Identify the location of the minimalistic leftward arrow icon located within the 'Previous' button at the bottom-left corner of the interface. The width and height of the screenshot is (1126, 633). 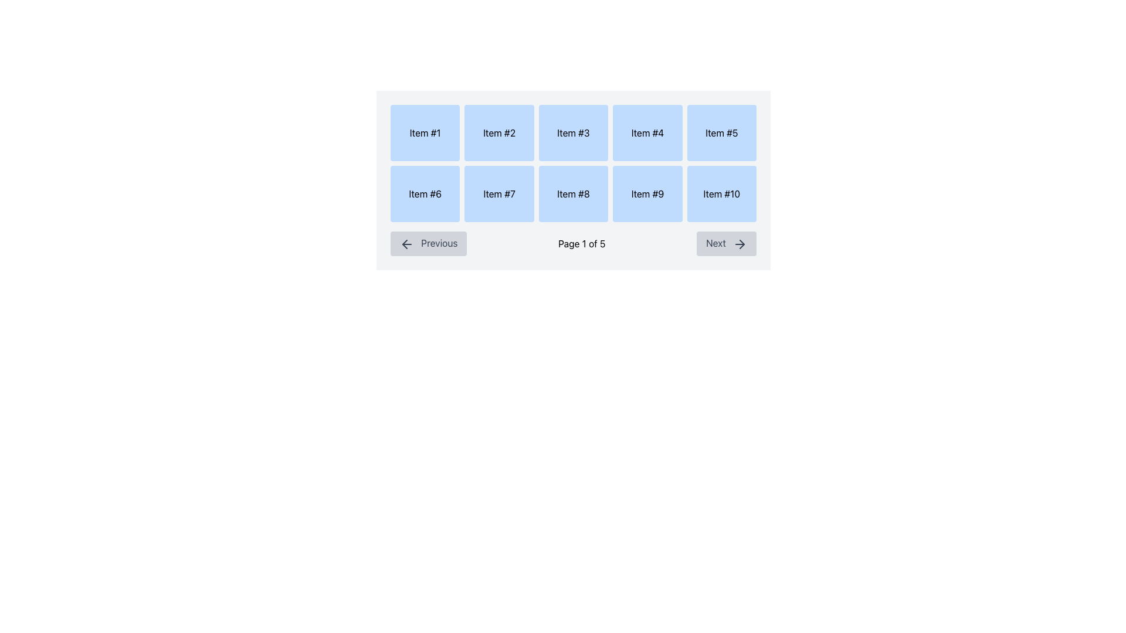
(407, 243).